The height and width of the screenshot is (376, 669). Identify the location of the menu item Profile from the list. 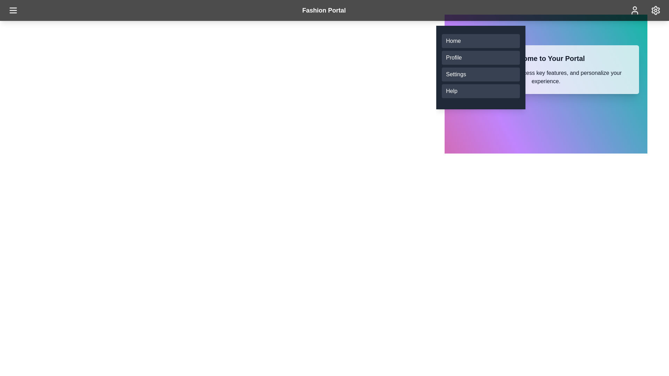
(480, 57).